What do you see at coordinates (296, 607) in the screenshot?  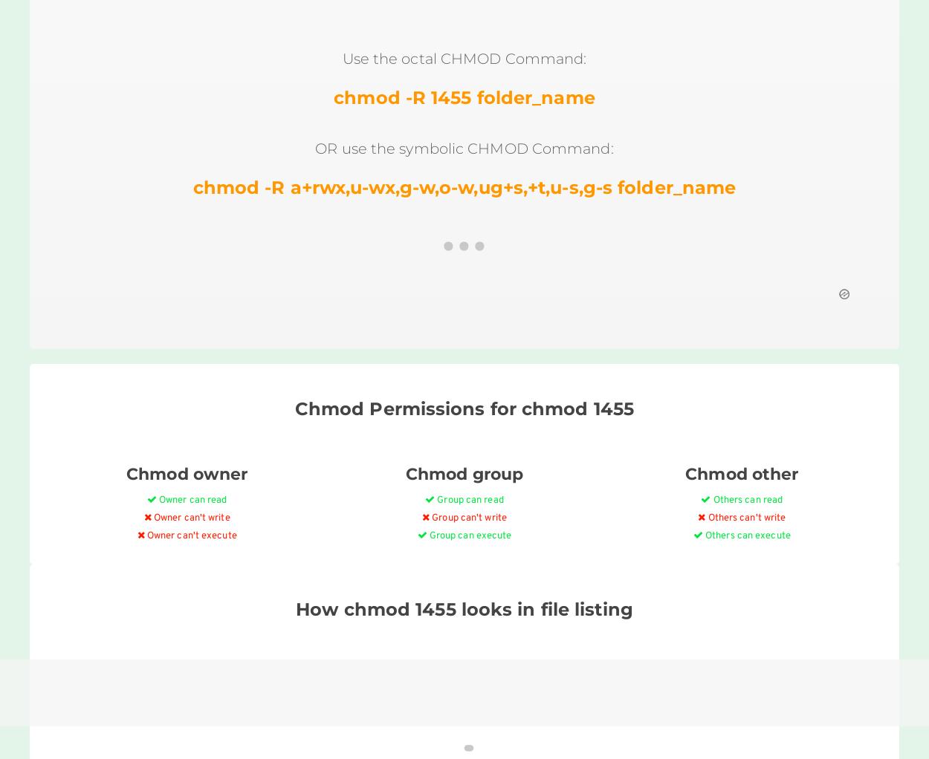 I see `'How chmod'` at bounding box center [296, 607].